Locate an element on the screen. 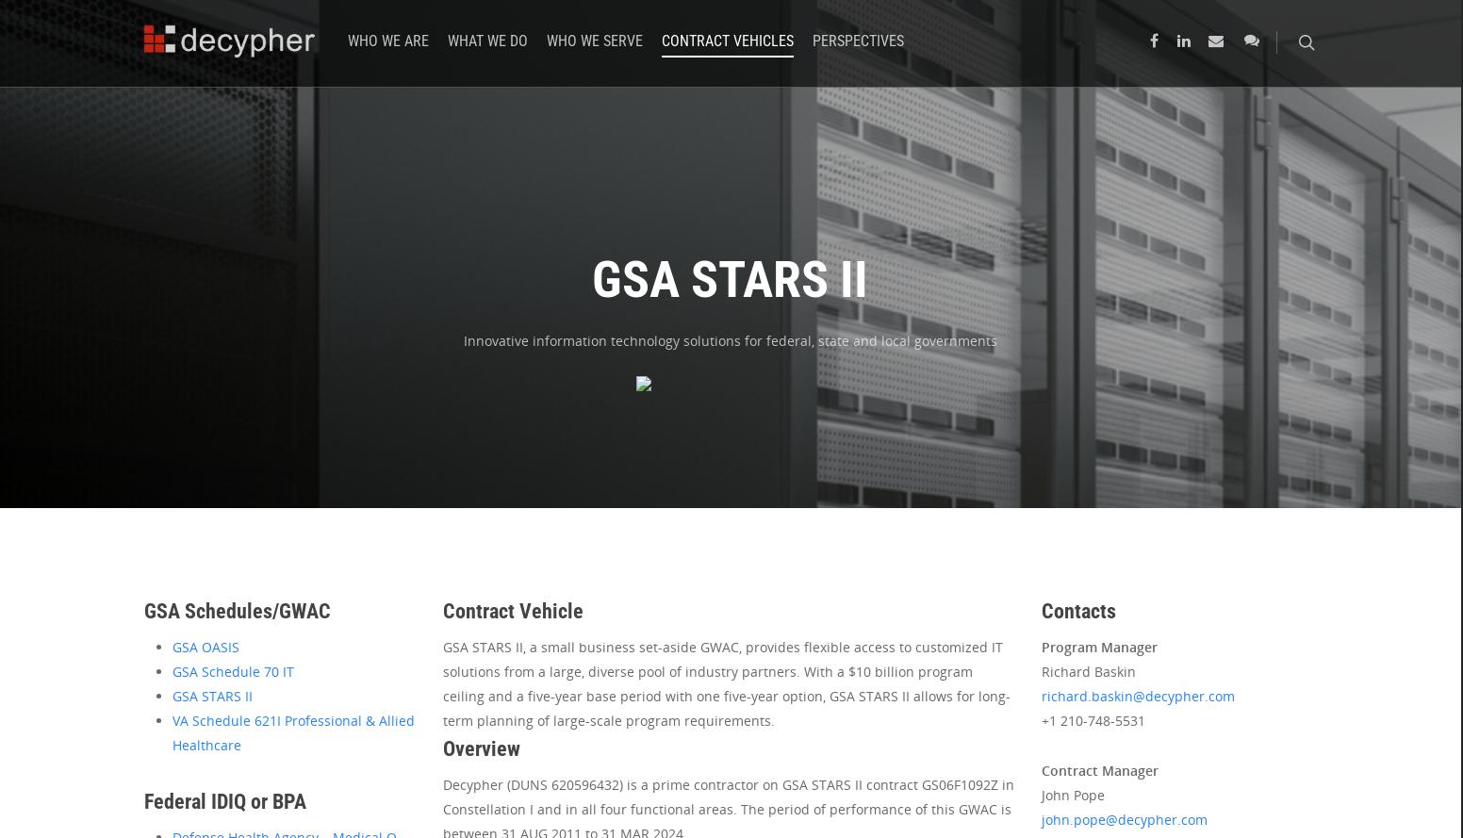 The height and width of the screenshot is (838, 1463). 'Overview' is located at coordinates (482, 748).